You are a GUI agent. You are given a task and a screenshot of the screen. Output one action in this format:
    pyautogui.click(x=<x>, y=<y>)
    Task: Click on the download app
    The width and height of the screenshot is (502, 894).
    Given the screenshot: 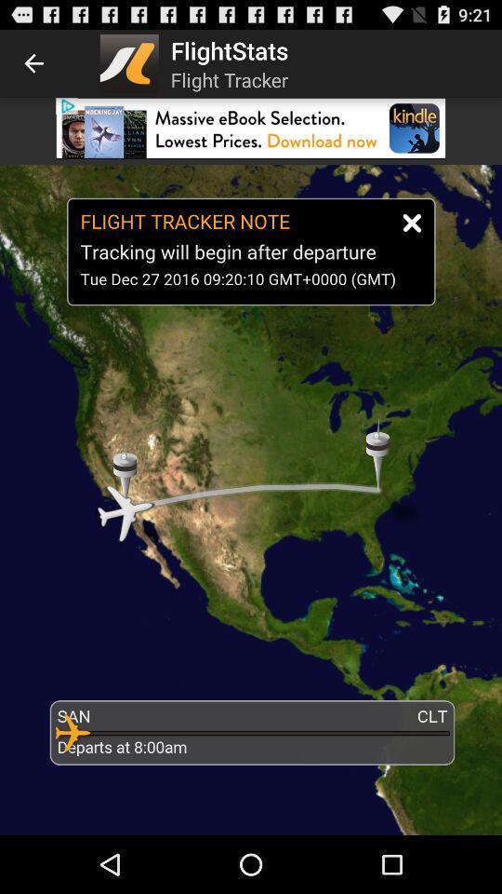 What is the action you would take?
    pyautogui.click(x=251, y=127)
    